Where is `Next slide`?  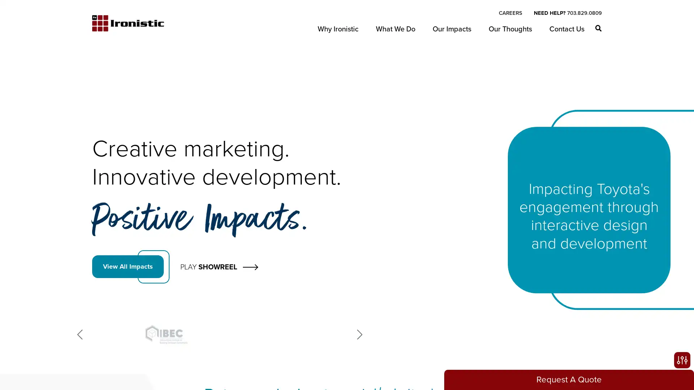
Next slide is located at coordinates (359, 334).